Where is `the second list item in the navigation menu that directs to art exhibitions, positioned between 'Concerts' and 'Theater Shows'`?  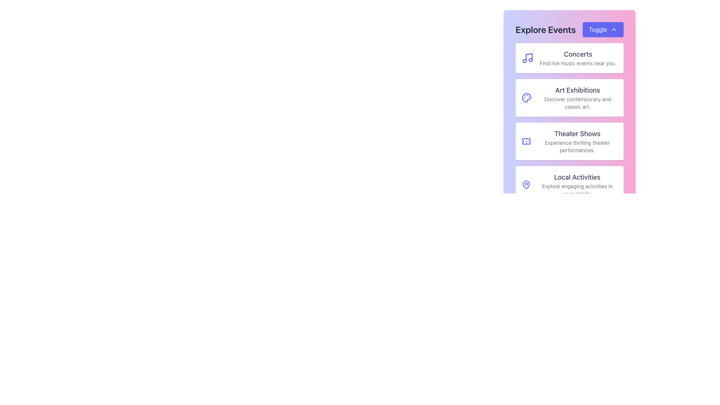
the second list item in the navigation menu that directs to art exhibitions, positioned between 'Concerts' and 'Theater Shows' is located at coordinates (569, 97).